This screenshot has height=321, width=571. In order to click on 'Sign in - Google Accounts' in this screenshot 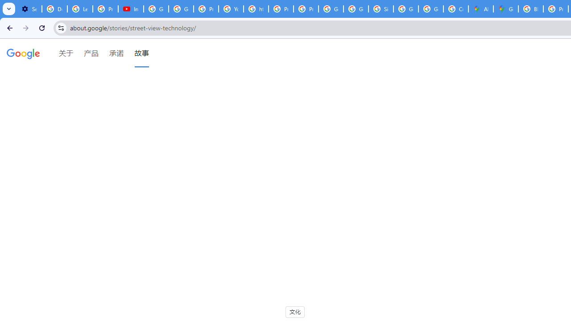, I will do `click(381, 9)`.